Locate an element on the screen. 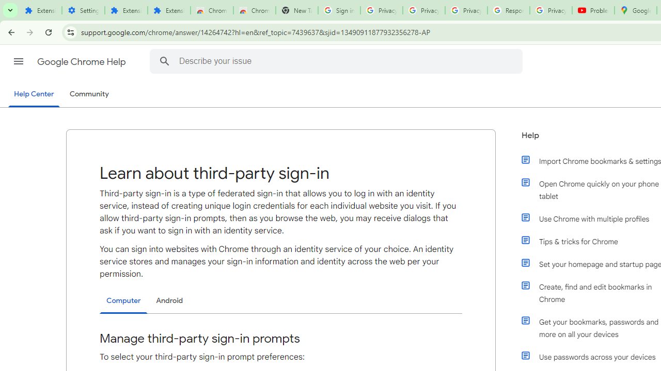 The image size is (661, 371). 'New Tab' is located at coordinates (296, 10).